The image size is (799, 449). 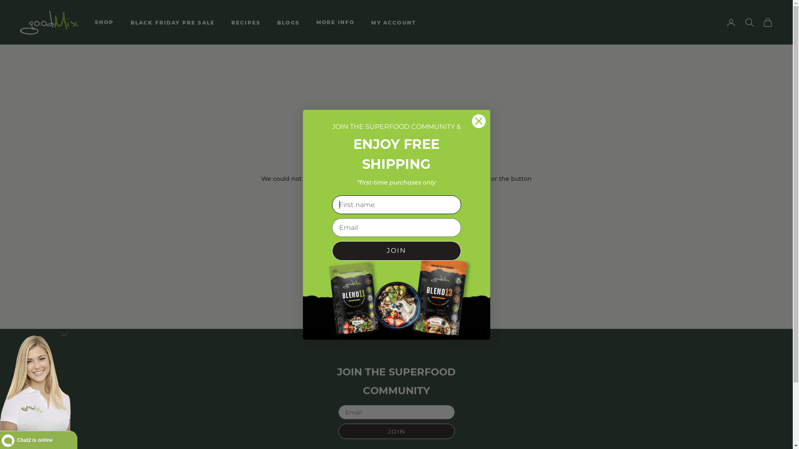 I want to click on 'Submit', so click(x=12, y=4).